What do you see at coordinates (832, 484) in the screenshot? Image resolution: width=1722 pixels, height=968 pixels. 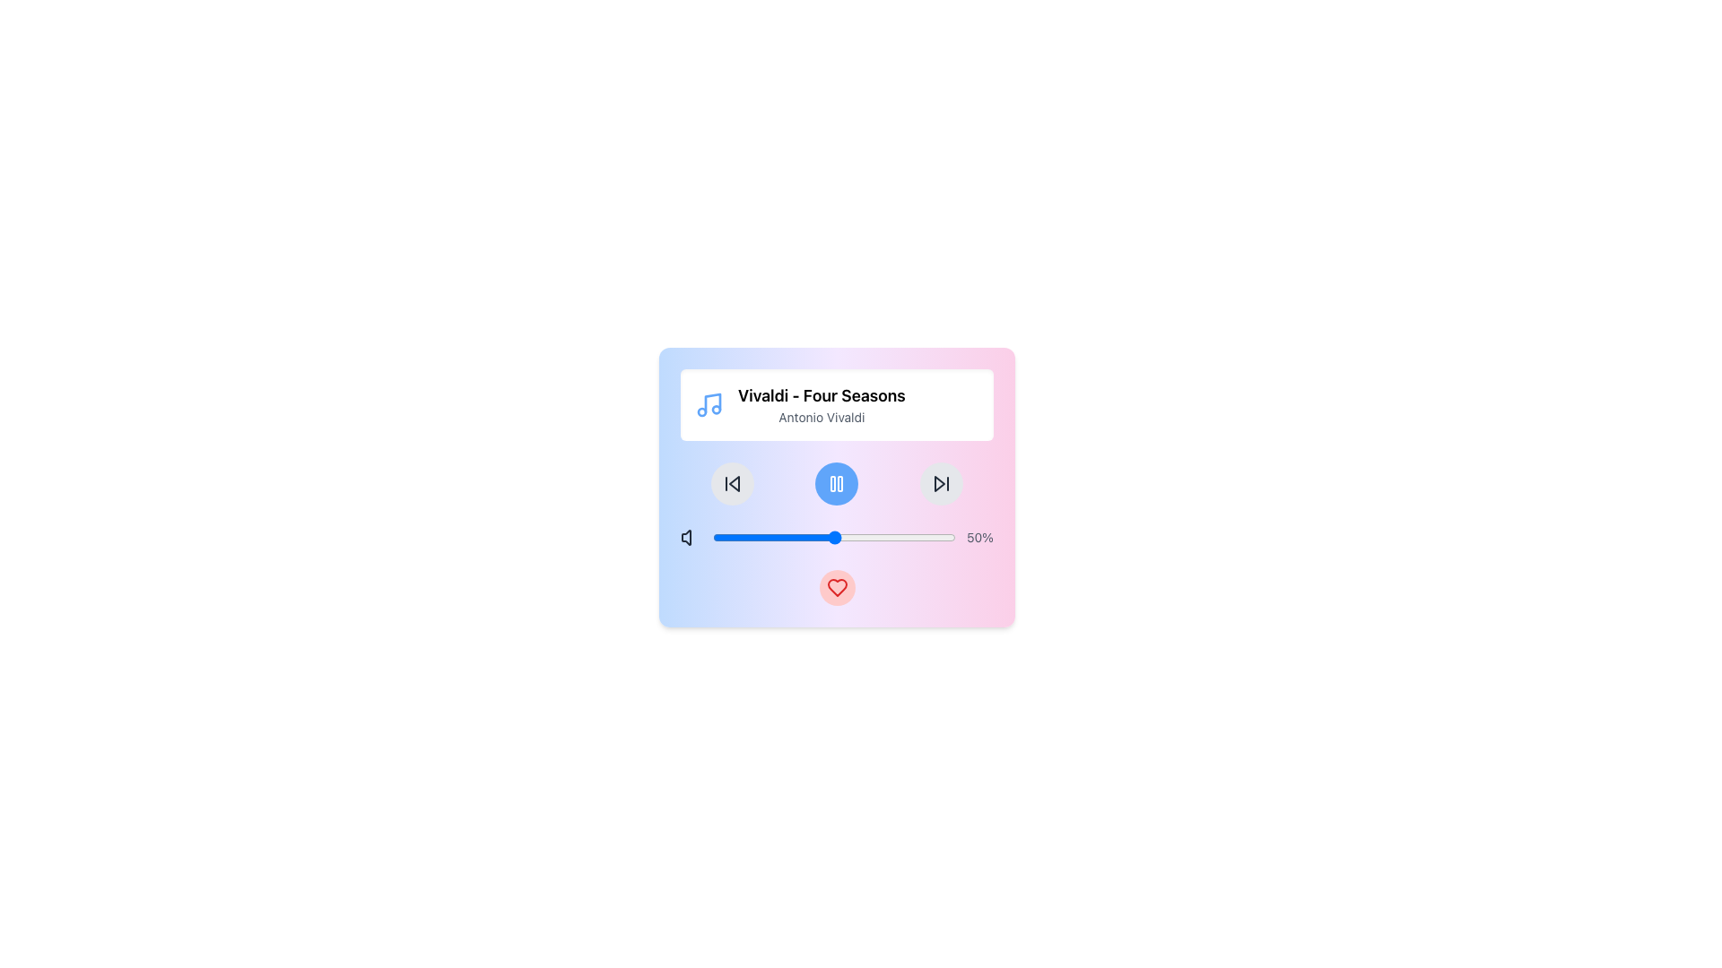 I see `the second vertical rectangular bar of the pause button icon located at the center of the lower half of the interface` at bounding box center [832, 484].